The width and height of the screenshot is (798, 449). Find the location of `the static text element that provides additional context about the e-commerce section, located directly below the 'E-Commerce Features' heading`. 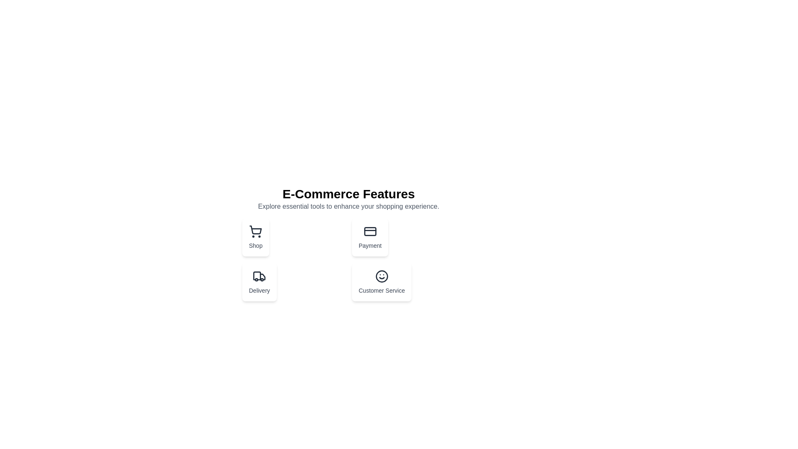

the static text element that provides additional context about the e-commerce section, located directly below the 'E-Commerce Features' heading is located at coordinates (349, 206).